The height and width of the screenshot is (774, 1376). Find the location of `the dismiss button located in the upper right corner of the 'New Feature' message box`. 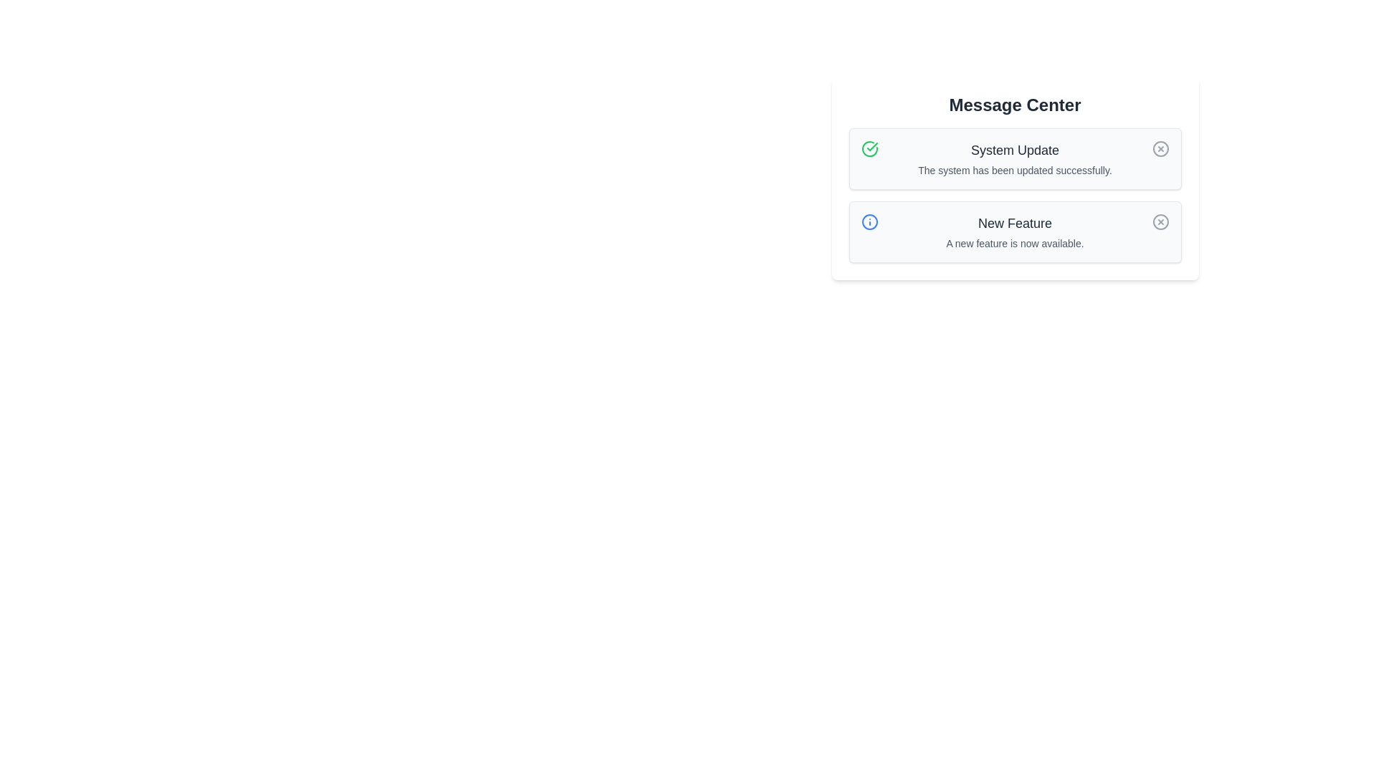

the dismiss button located in the upper right corner of the 'New Feature' message box is located at coordinates (1160, 221).